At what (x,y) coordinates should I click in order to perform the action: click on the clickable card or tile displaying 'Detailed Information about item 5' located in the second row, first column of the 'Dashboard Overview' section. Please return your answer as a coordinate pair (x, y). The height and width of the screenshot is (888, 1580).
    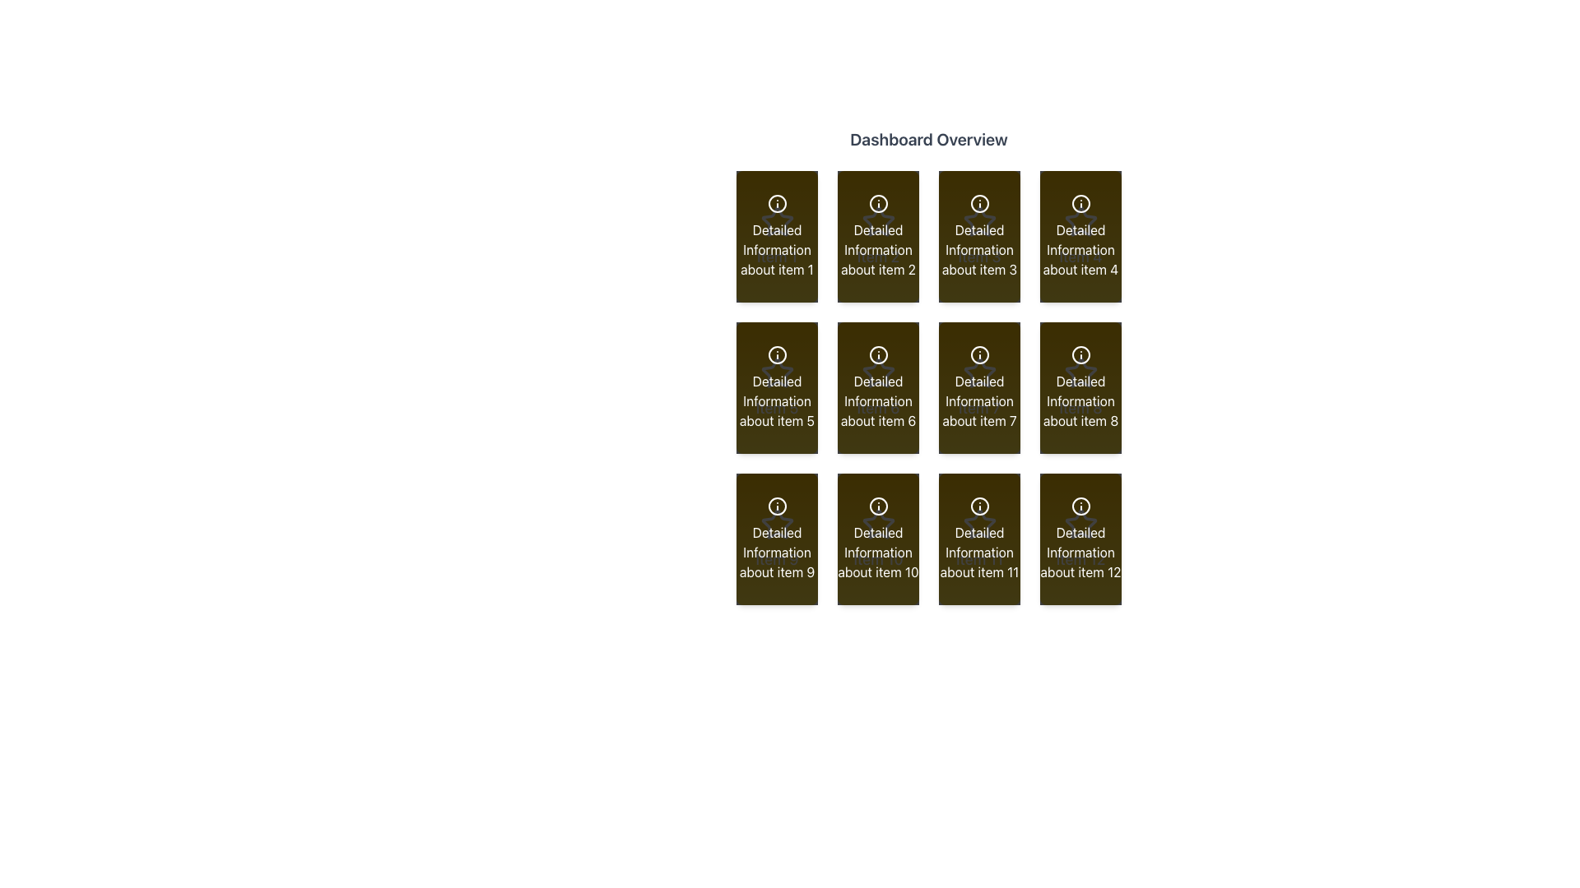
    Looking at the image, I should click on (776, 387).